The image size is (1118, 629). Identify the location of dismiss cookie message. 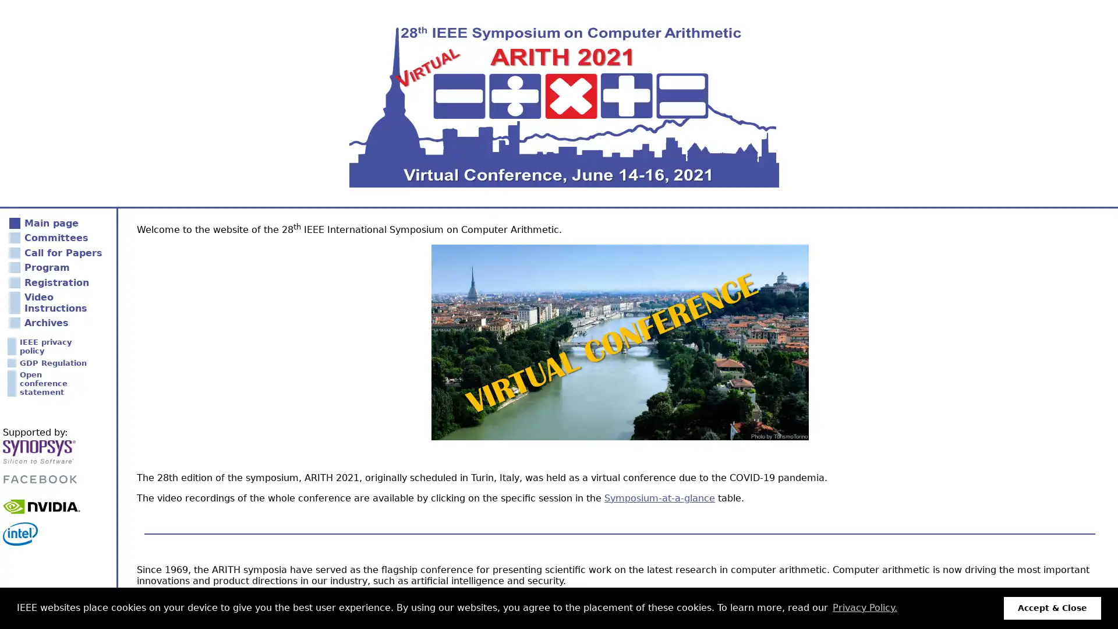
(1052, 607).